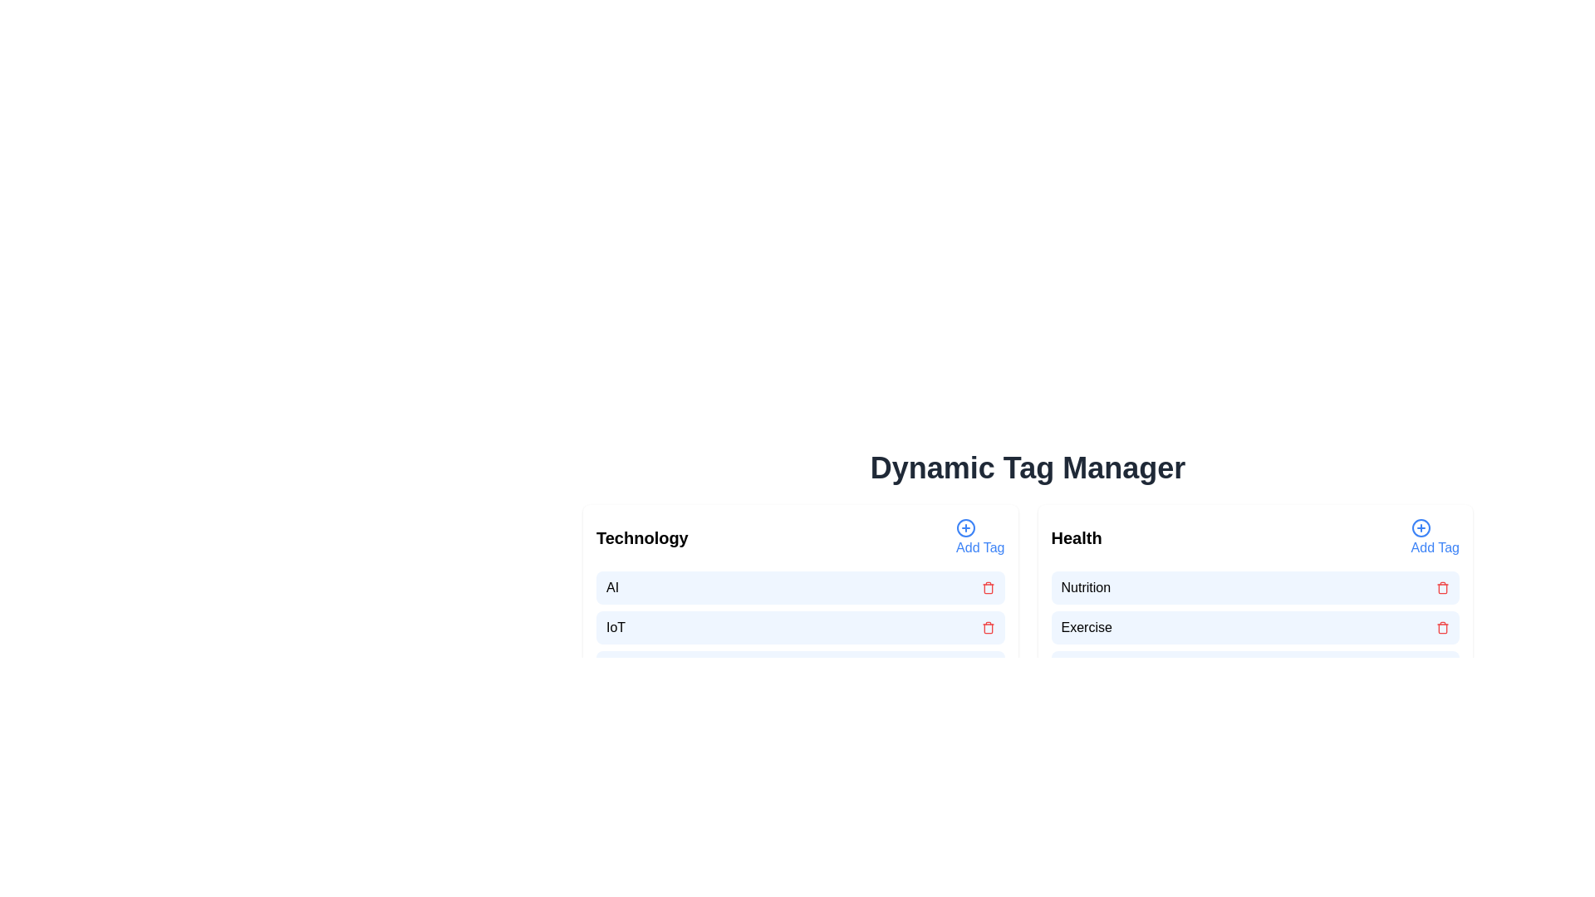 The width and height of the screenshot is (1595, 897). What do you see at coordinates (1255, 601) in the screenshot?
I see `the tags in the 'Health' categorized tag management card` at bounding box center [1255, 601].